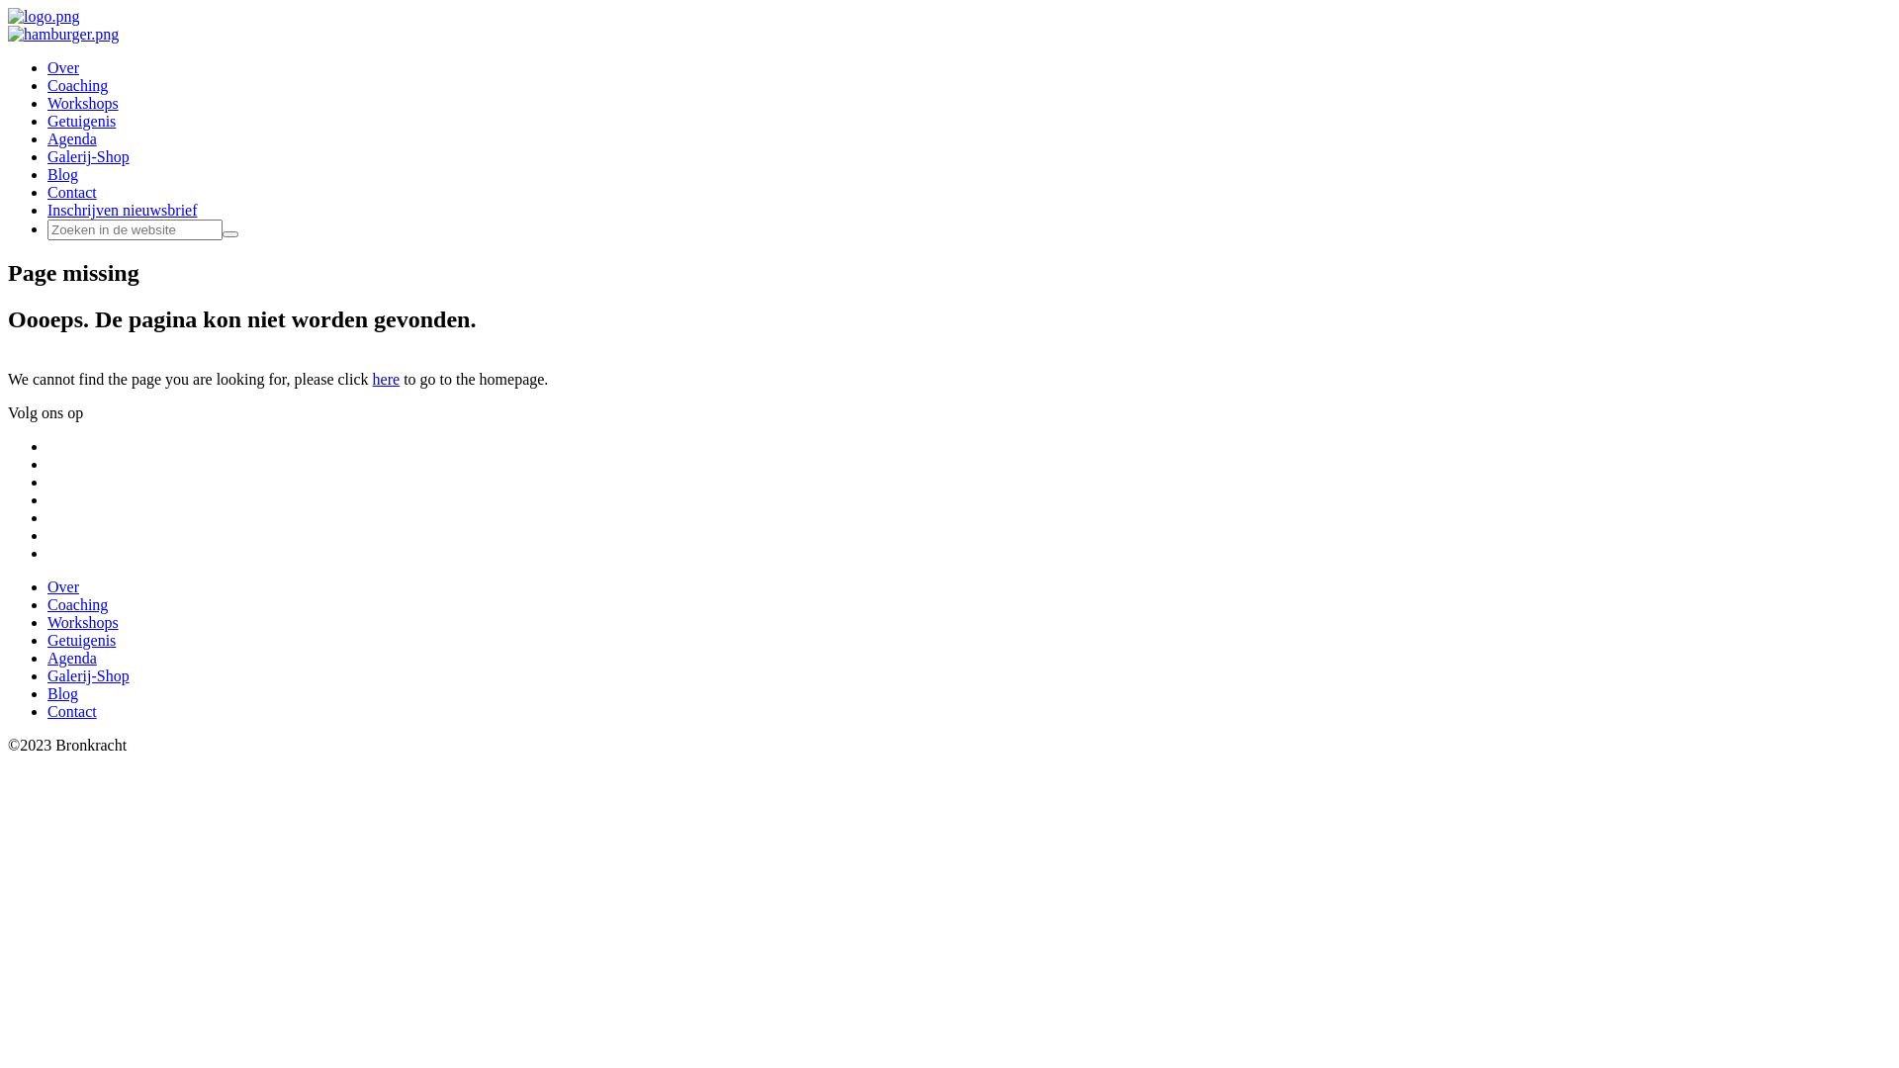 The image size is (1899, 1068). Describe the element at coordinates (80, 121) in the screenshot. I see `'Getuigenis'` at that location.